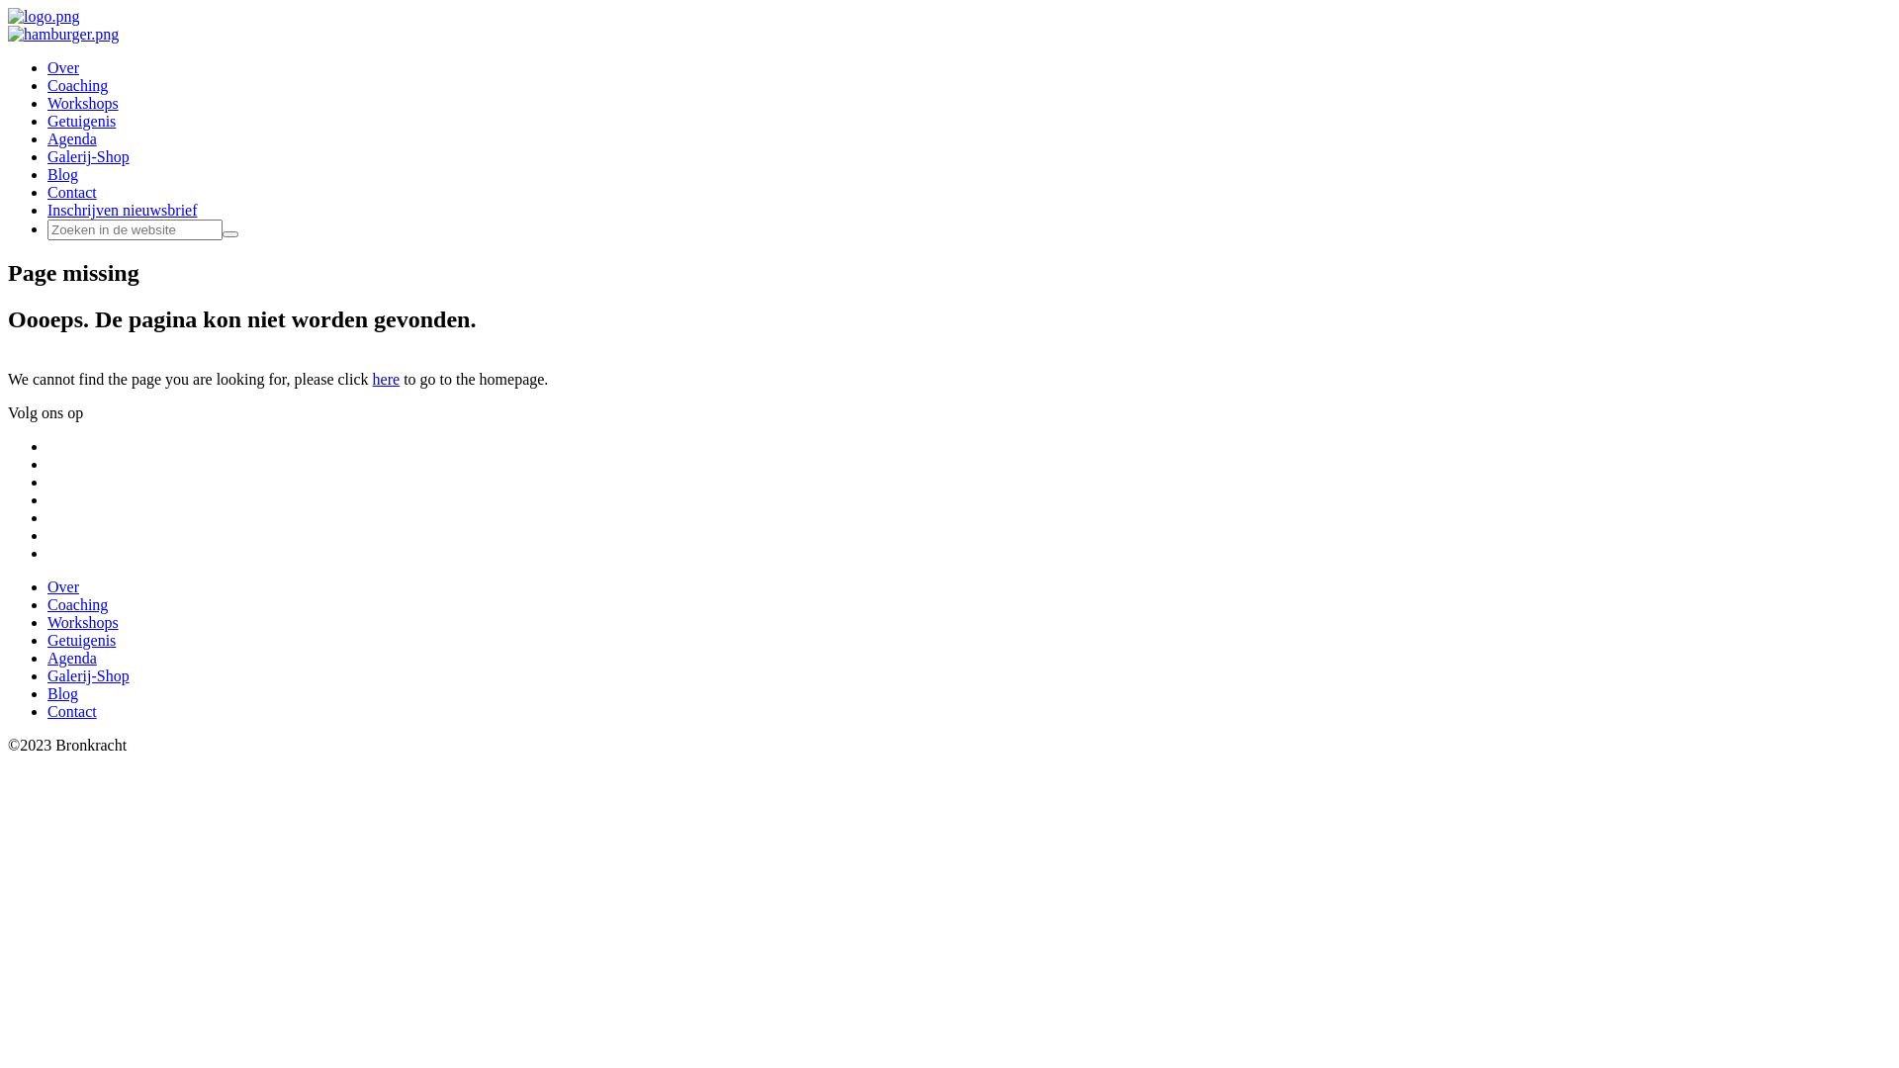 The image size is (1899, 1068). Describe the element at coordinates (80, 121) in the screenshot. I see `'Getuigenis'` at that location.